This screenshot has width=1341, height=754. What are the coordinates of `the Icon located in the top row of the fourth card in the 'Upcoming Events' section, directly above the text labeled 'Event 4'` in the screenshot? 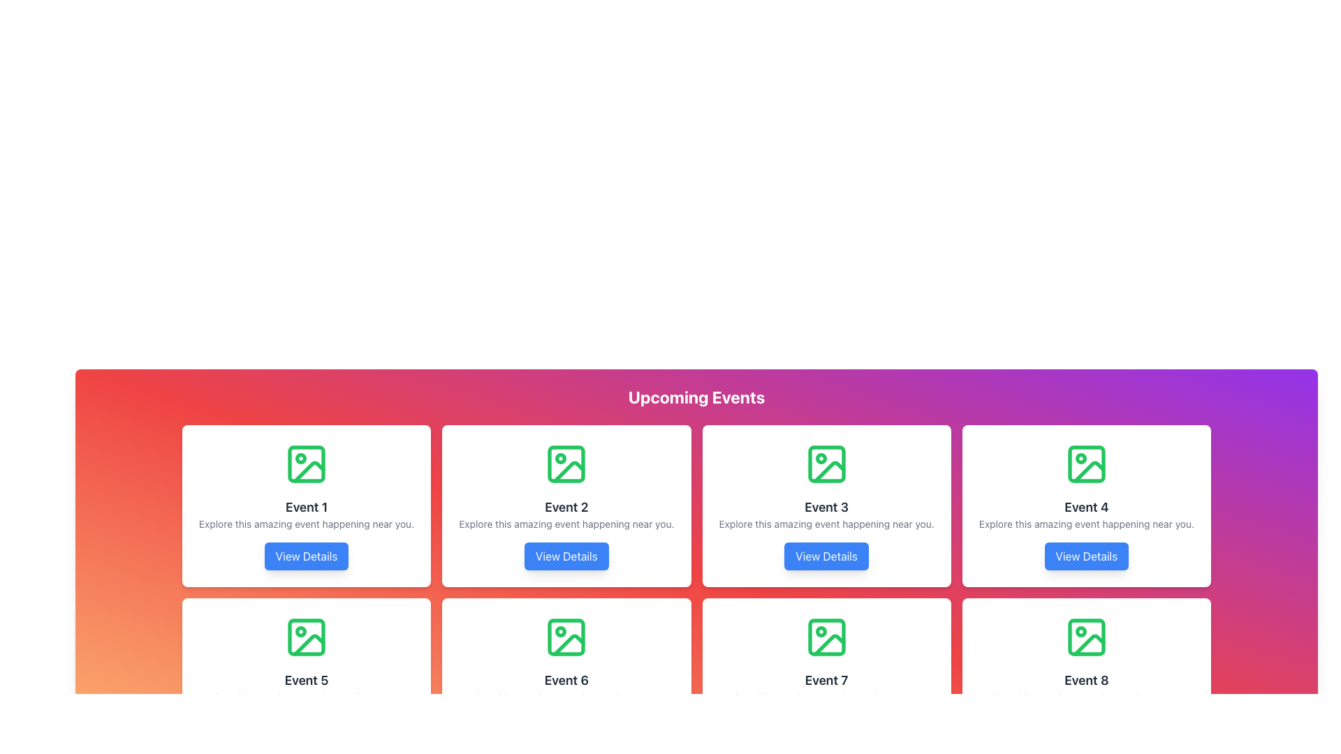 It's located at (1085, 464).